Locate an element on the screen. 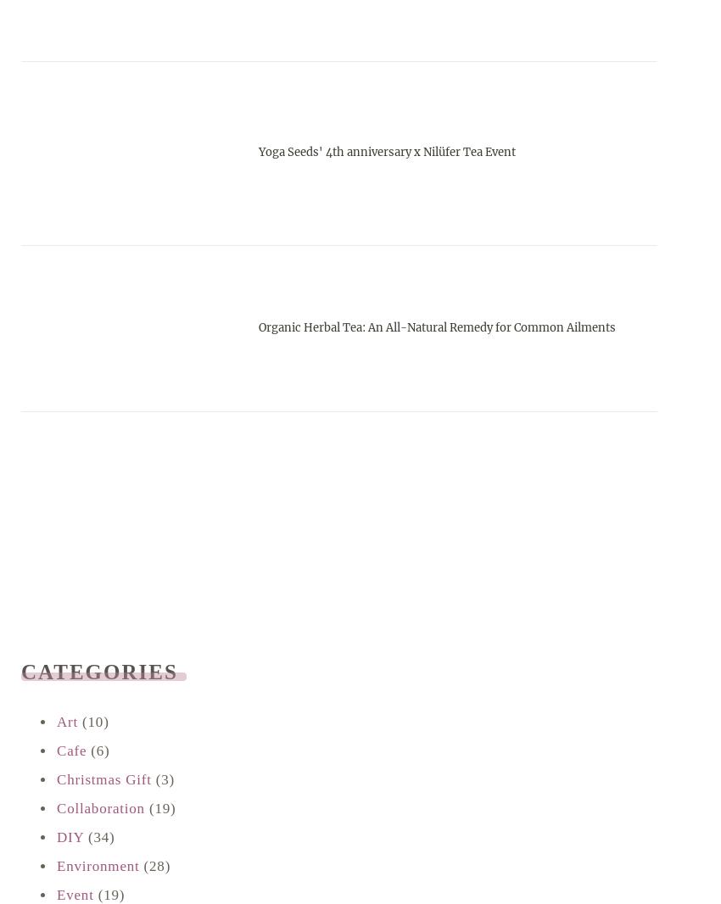 This screenshot has height=904, width=721. 'Read Next' is located at coordinates (90, 692).